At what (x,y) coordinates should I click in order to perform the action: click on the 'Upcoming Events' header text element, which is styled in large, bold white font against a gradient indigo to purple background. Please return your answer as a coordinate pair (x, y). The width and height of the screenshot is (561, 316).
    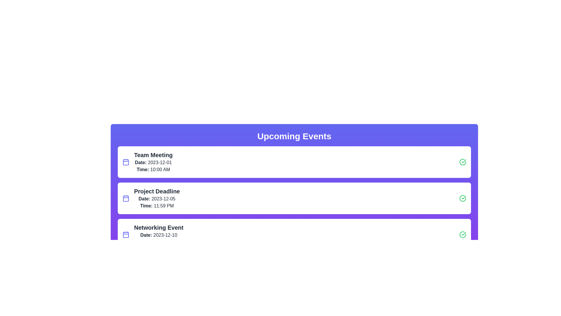
    Looking at the image, I should click on (294, 136).